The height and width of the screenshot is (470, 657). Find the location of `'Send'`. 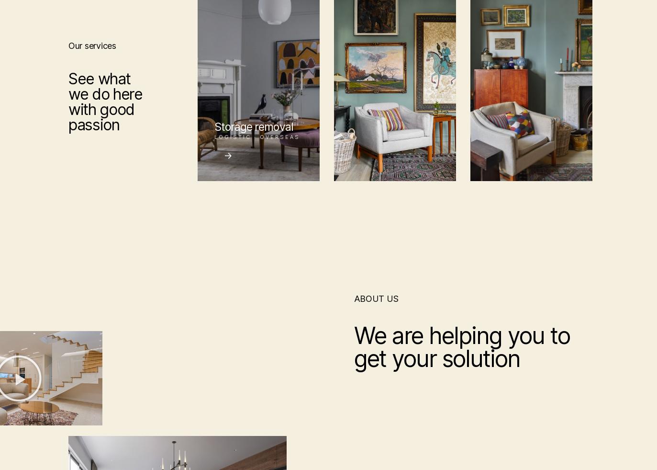

'Send' is located at coordinates (278, 368).